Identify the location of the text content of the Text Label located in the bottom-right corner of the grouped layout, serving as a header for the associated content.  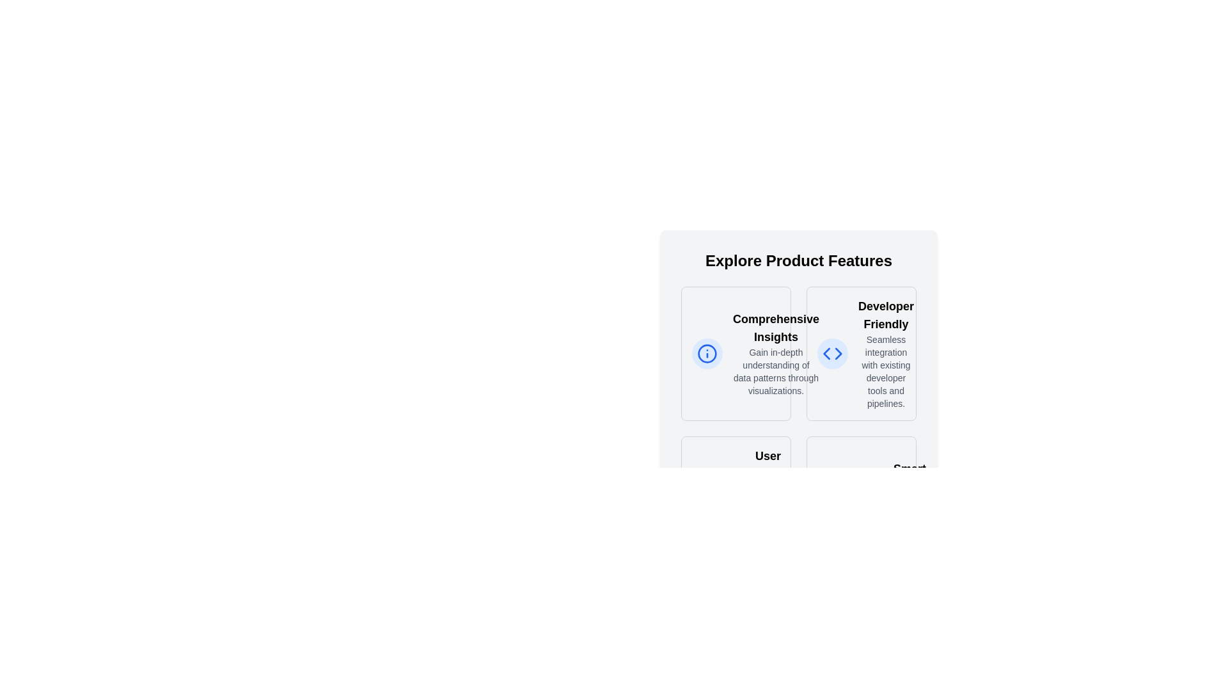
(909, 478).